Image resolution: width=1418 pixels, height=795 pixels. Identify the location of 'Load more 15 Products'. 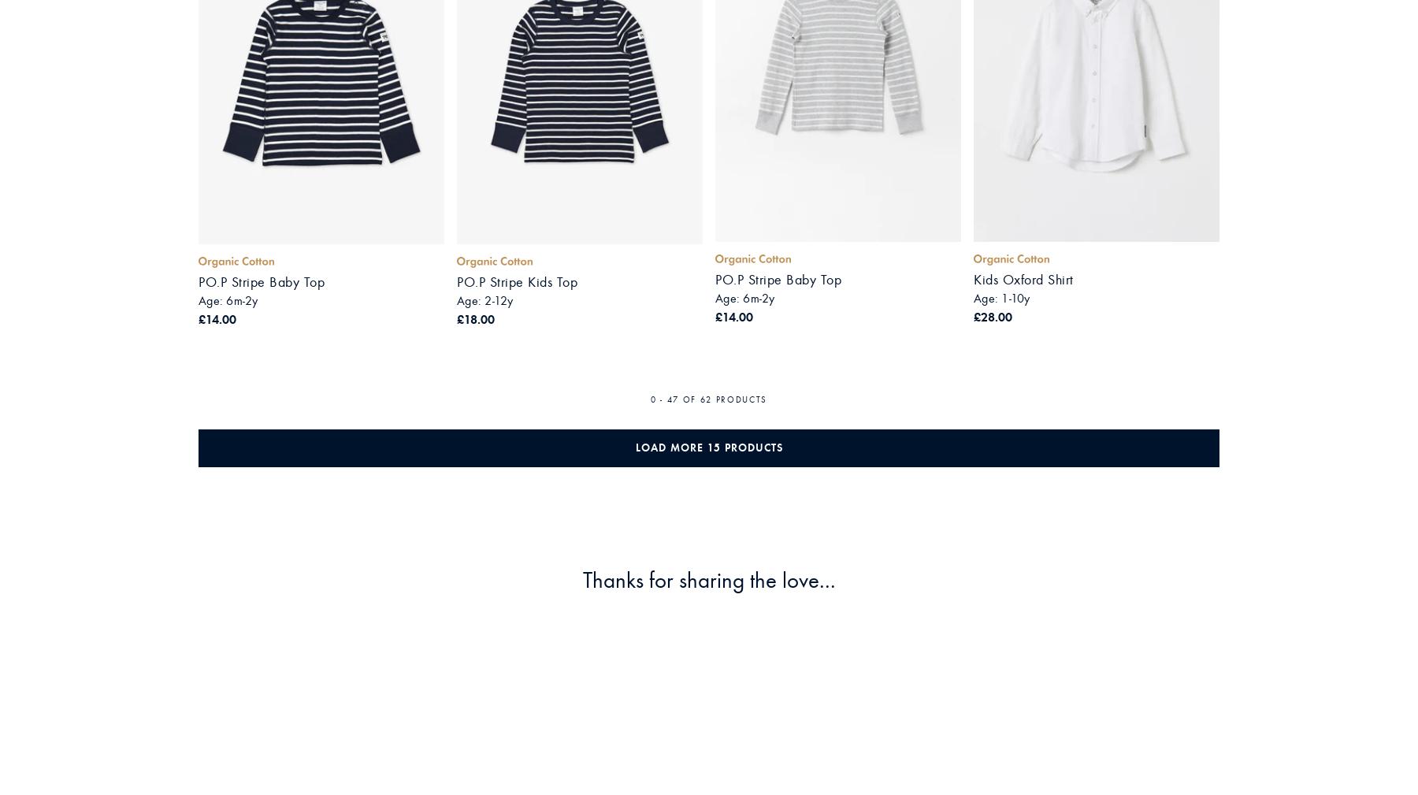
(708, 447).